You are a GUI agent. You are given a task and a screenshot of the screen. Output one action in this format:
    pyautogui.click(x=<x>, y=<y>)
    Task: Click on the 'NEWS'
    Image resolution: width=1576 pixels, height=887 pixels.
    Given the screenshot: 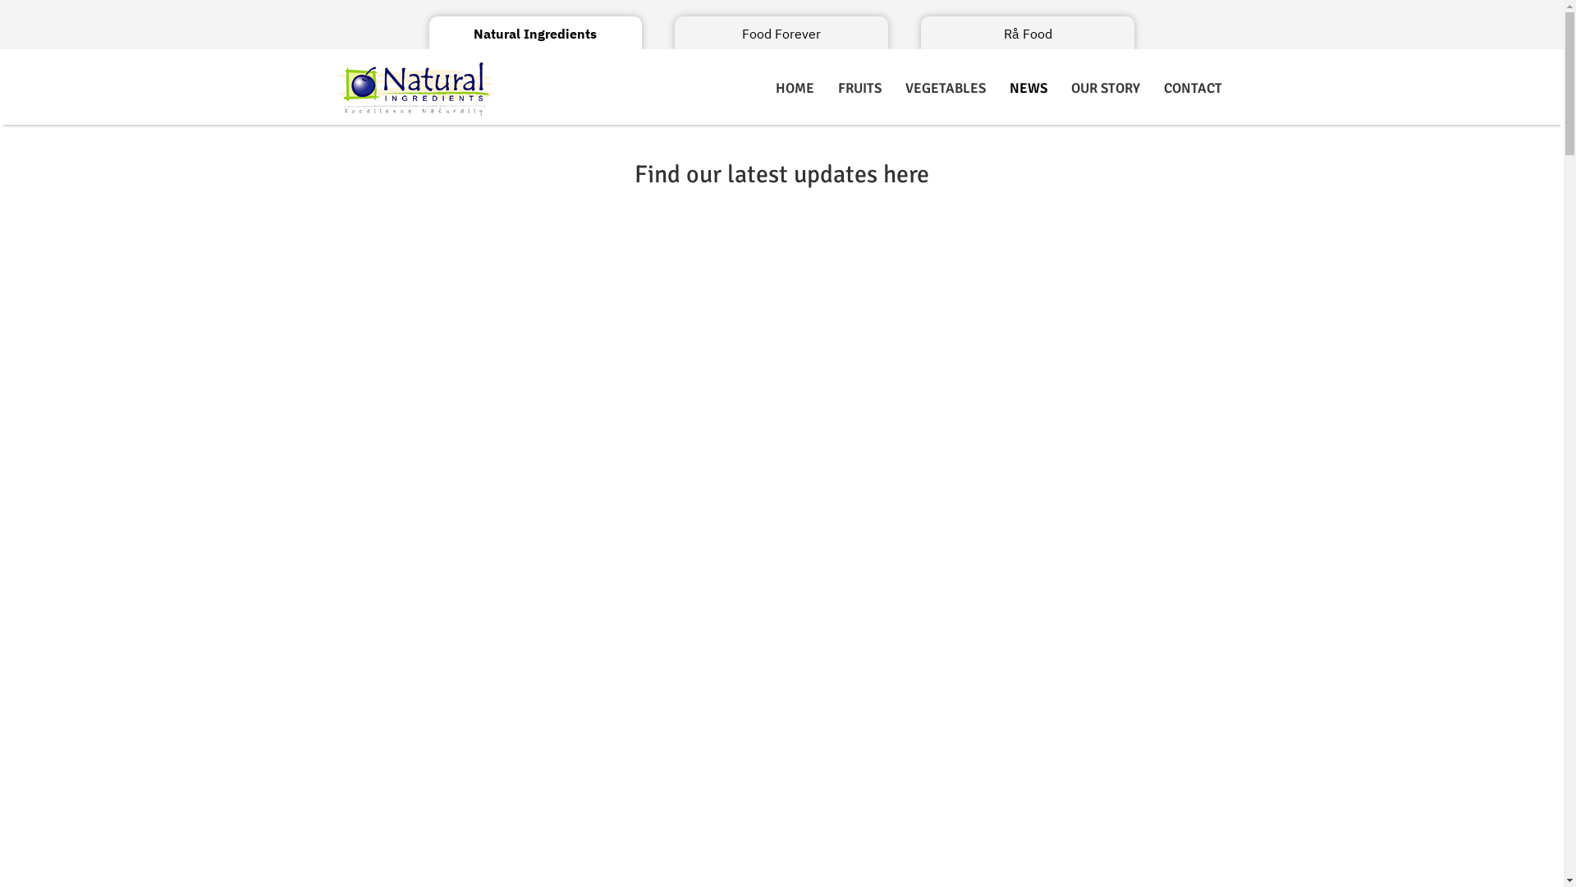 What is the action you would take?
    pyautogui.click(x=1027, y=89)
    